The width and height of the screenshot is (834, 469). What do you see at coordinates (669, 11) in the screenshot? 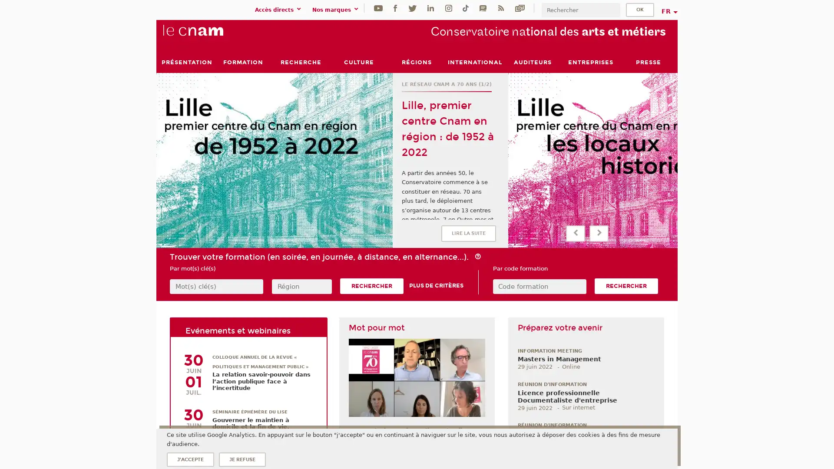
I see `FR` at bounding box center [669, 11].